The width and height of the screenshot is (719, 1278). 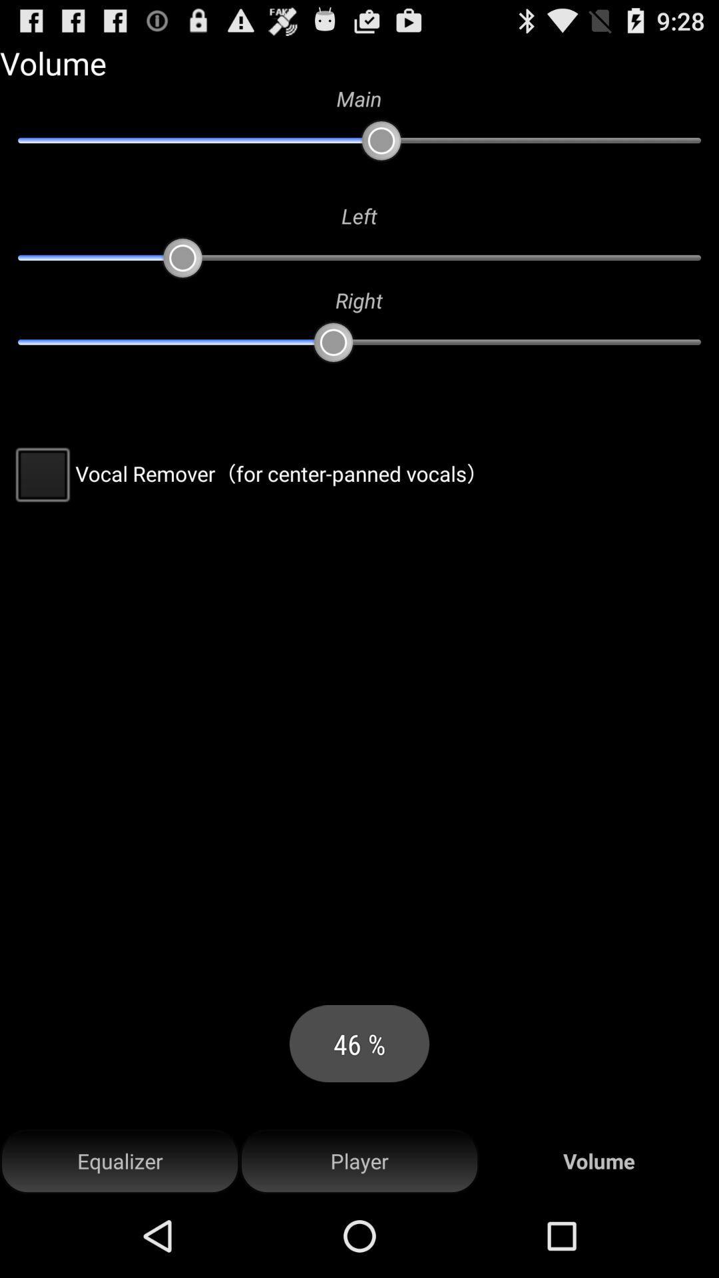 What do you see at coordinates (248, 473) in the screenshot?
I see `the button above the equalizer` at bounding box center [248, 473].